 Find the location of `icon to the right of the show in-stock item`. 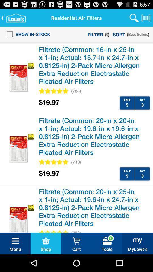

icon to the right of the show in-stock item is located at coordinates (95, 34).